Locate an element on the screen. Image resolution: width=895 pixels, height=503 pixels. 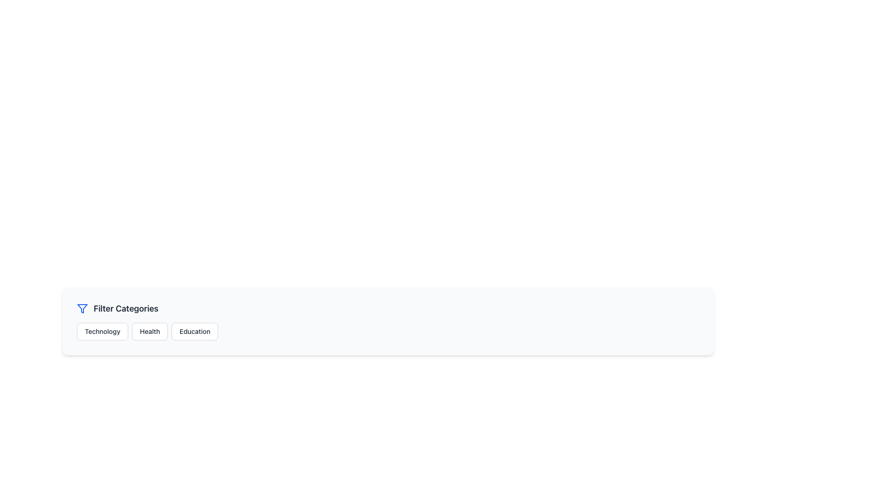
blue triangular funnel icon located to the left of the 'Filter Categories' text, which serves as a filter indicator is located at coordinates (83, 309).